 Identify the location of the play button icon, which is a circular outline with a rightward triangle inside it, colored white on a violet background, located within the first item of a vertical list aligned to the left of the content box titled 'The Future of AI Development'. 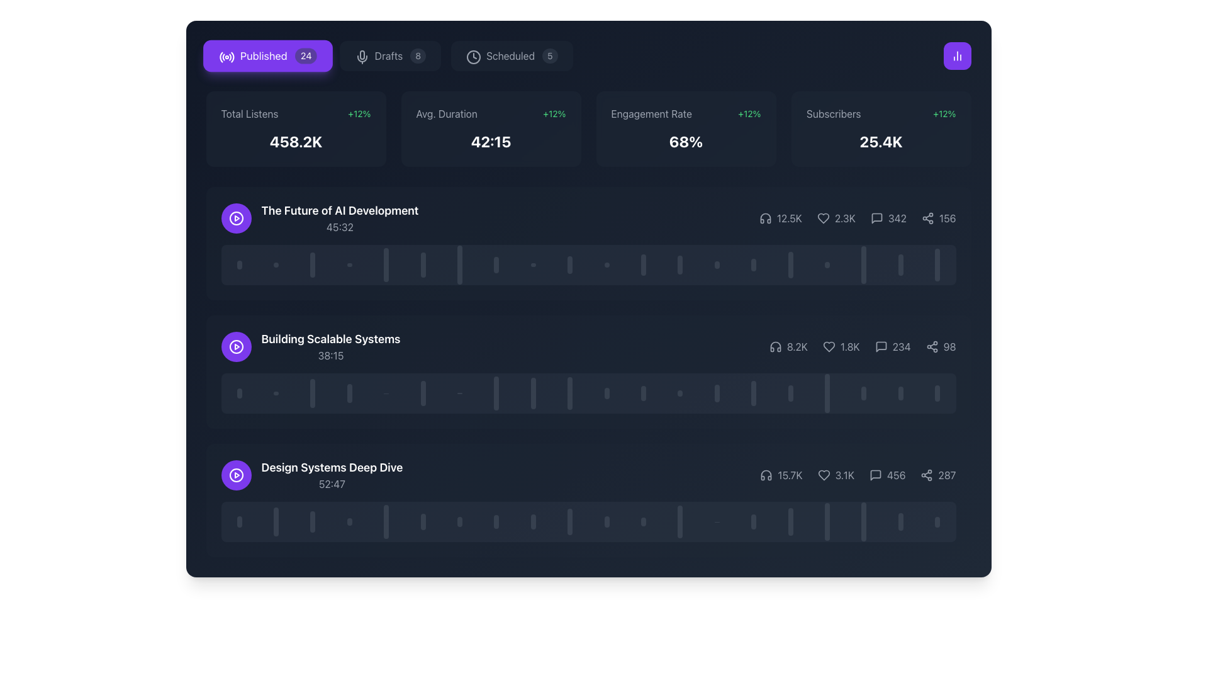
(236, 218).